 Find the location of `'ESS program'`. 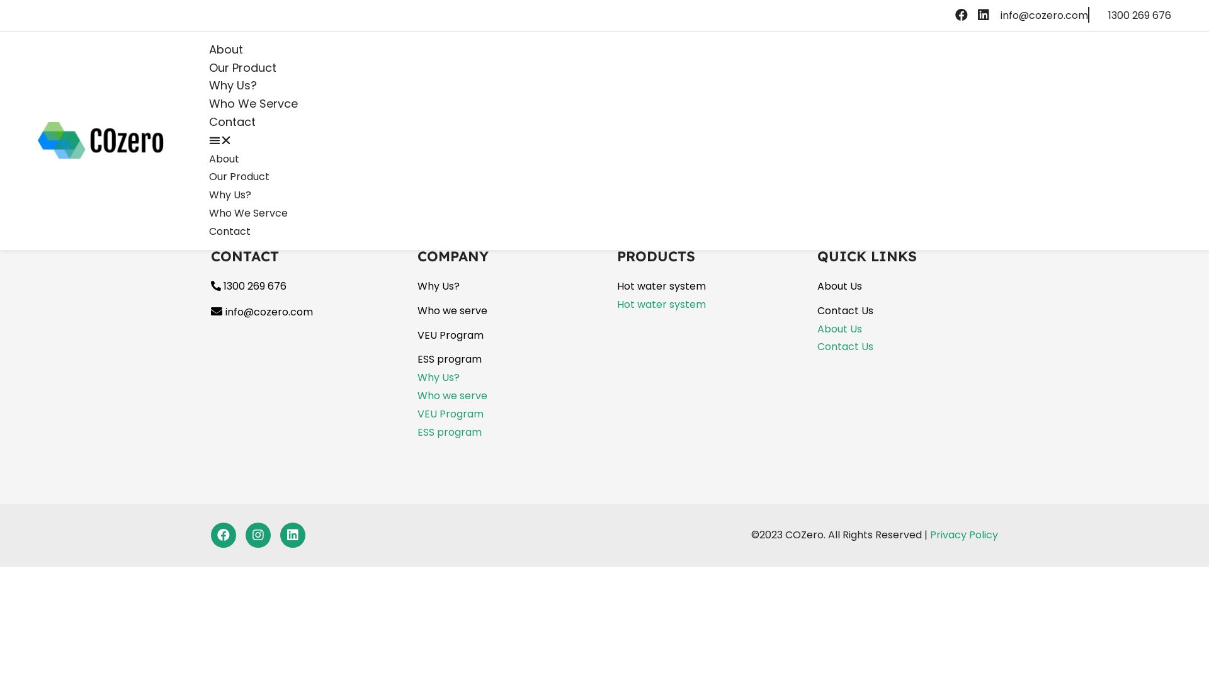

'ESS program' is located at coordinates (449, 359).